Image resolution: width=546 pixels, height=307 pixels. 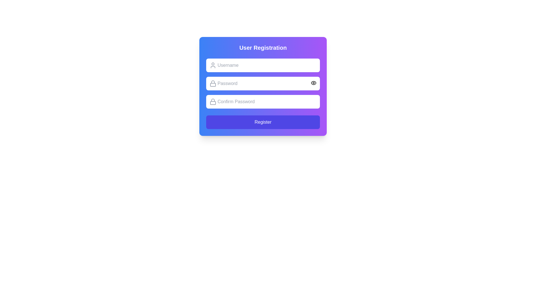 What do you see at coordinates (212, 84) in the screenshot?
I see `the bottom rectangle part of the lock icon, which represents security in the UI, located to the left of the 'Password' input field` at bounding box center [212, 84].